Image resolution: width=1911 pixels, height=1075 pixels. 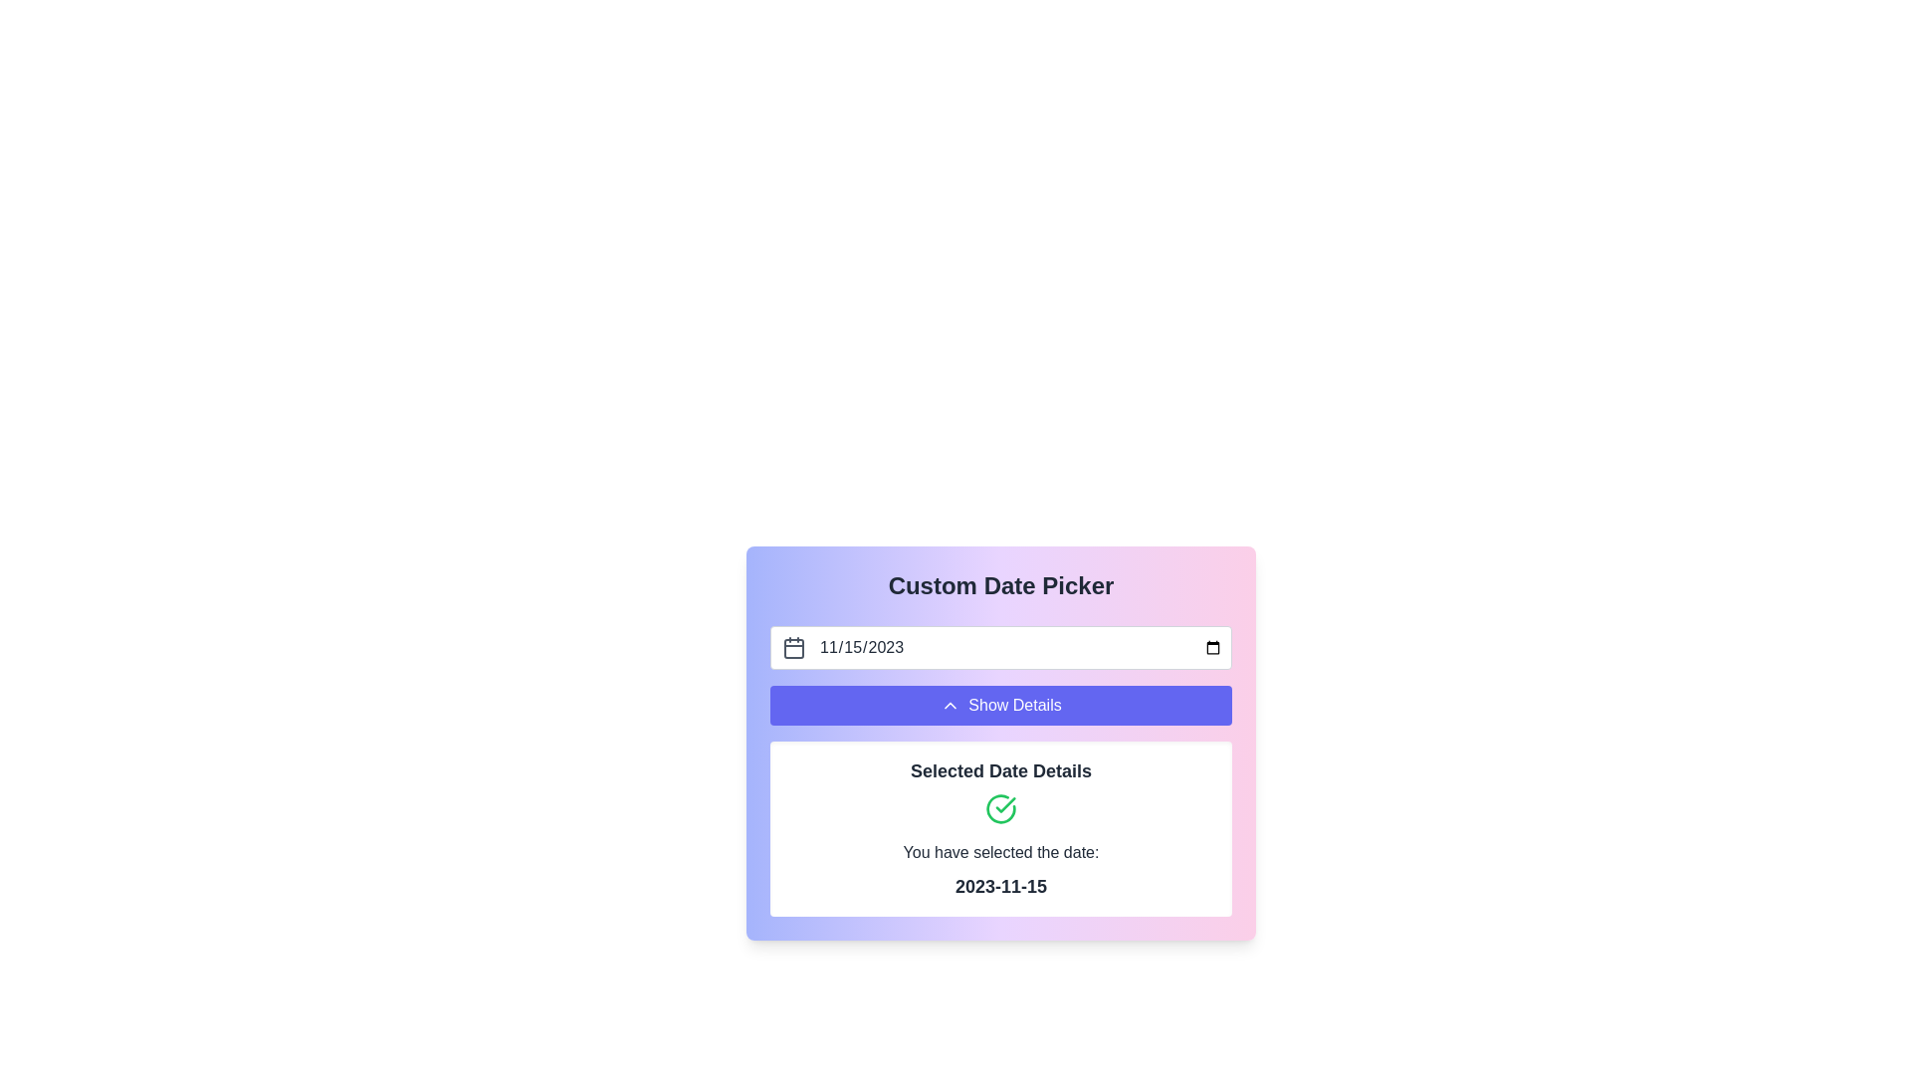 What do you see at coordinates (1001, 585) in the screenshot?
I see `the text header displaying 'Custom Date Picker', which is bold and large, located at the top of the rounded rectangle card interface` at bounding box center [1001, 585].